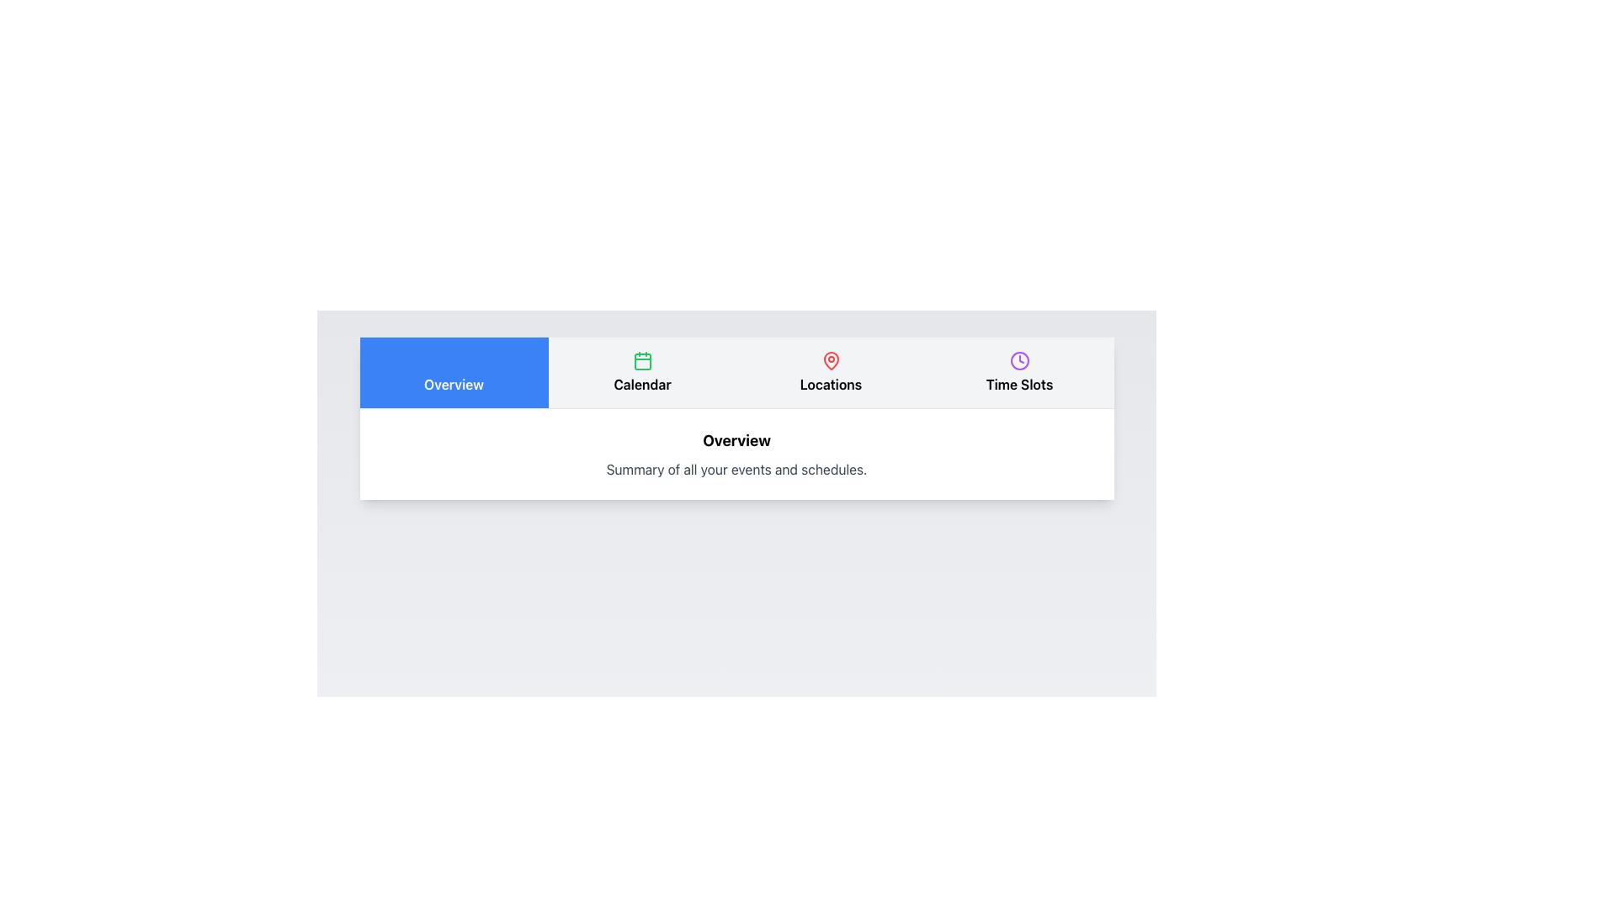  What do you see at coordinates (641, 359) in the screenshot?
I see `the green calendar icon in the horizontal menu bar` at bounding box center [641, 359].